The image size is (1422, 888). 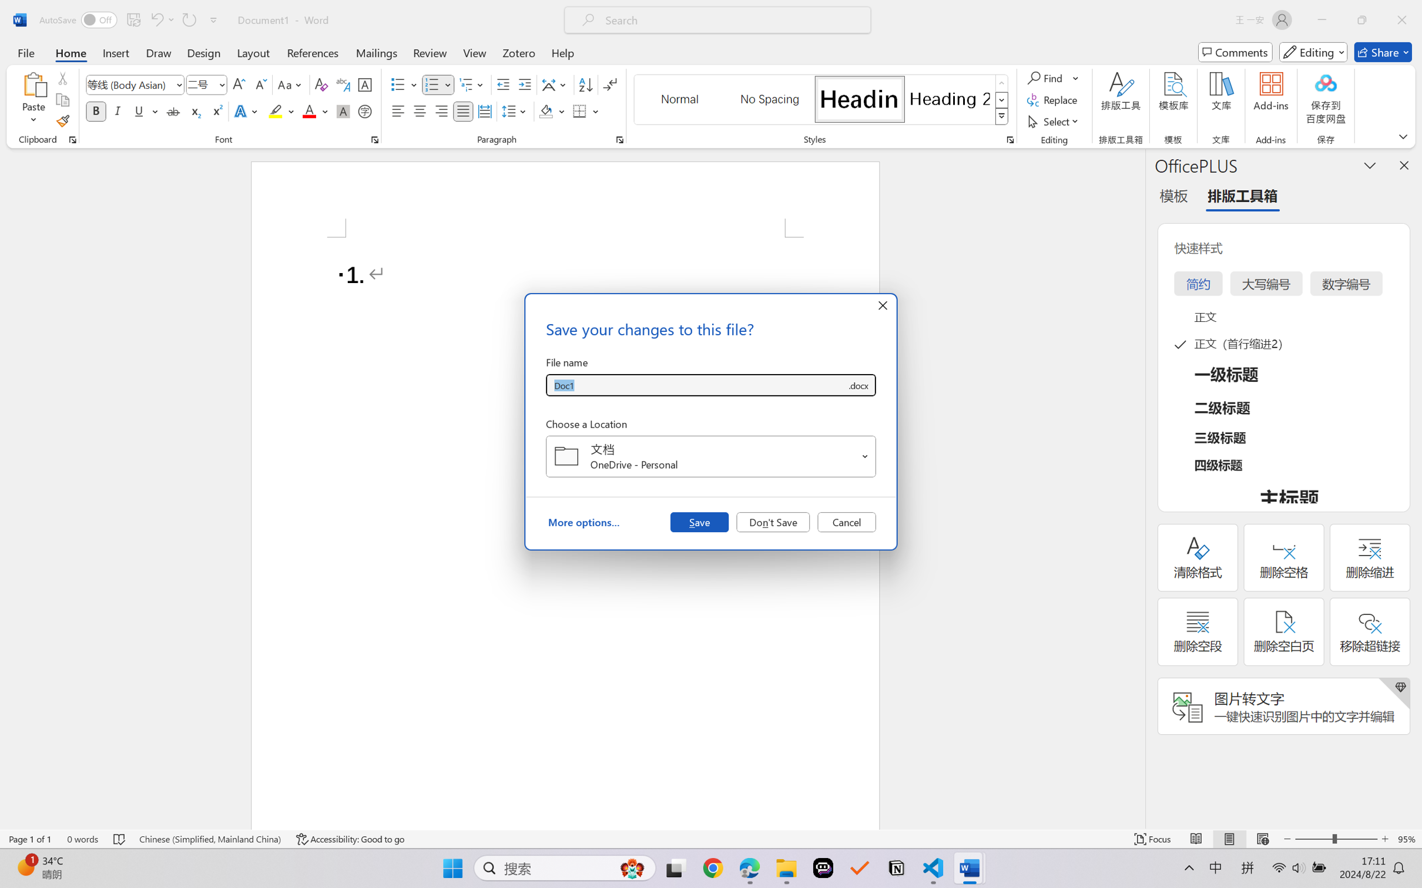 I want to click on 'Zoom 95%', so click(x=1407, y=839).